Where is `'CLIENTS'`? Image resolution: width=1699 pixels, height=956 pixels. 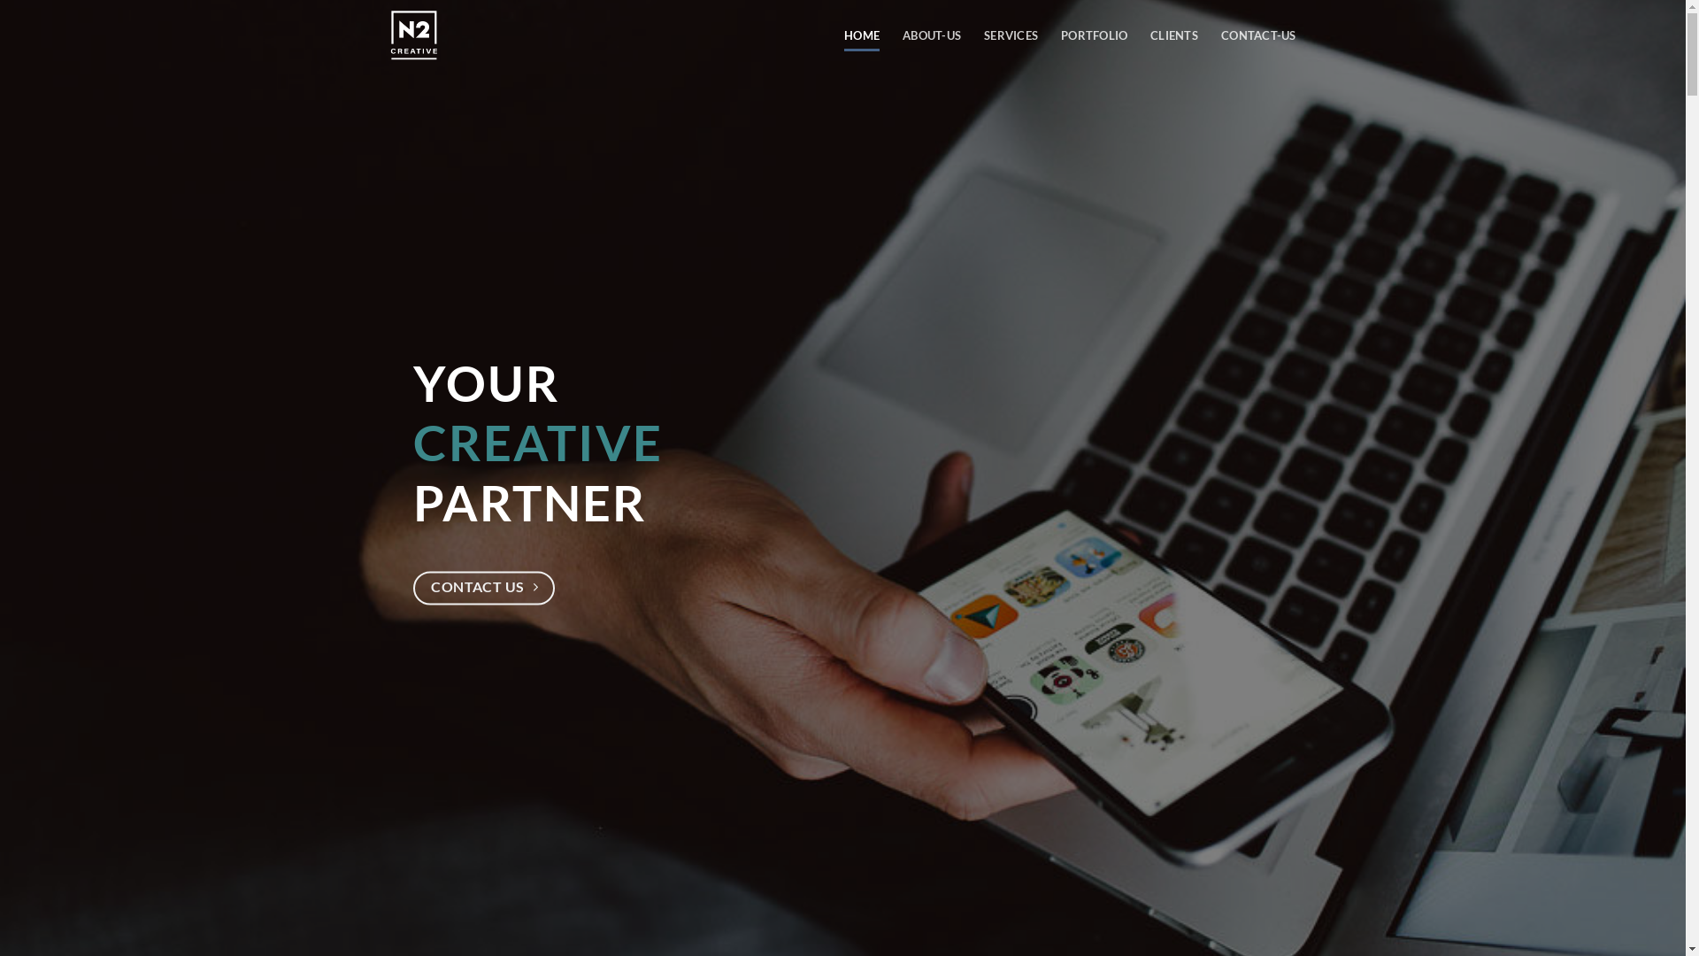 'CLIENTS' is located at coordinates (1173, 35).